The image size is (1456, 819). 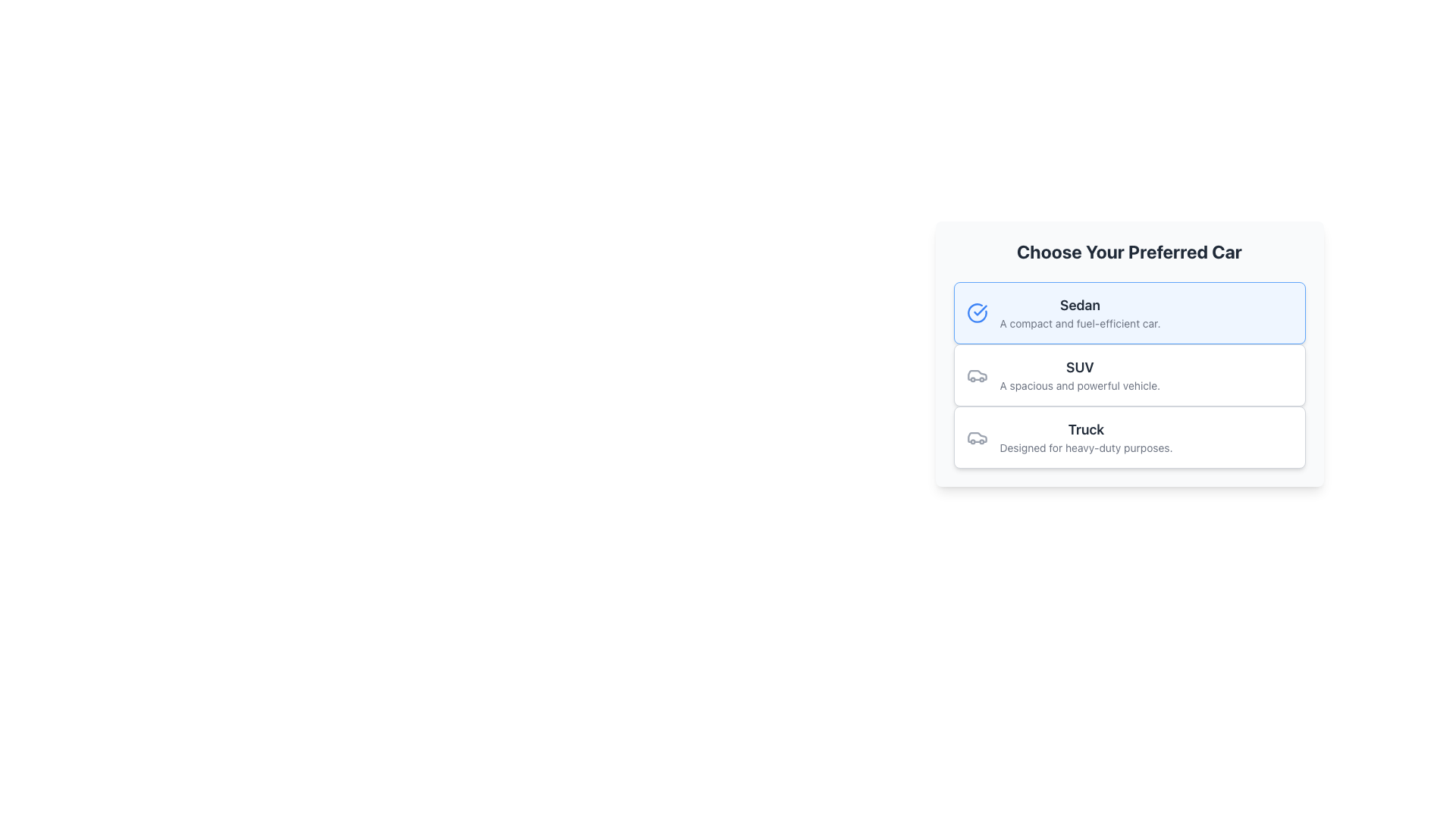 What do you see at coordinates (1079, 385) in the screenshot?
I see `the descriptive Text Label providing information about the 'SUV' option, located below its title in the SUV section` at bounding box center [1079, 385].